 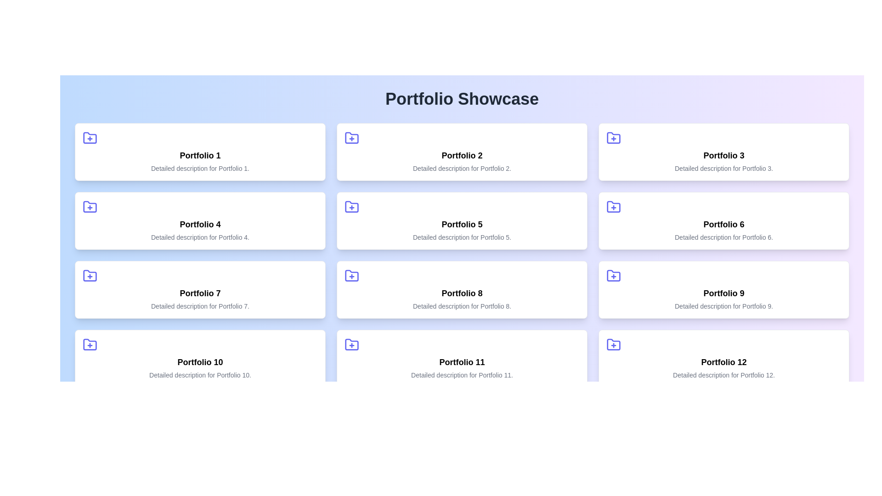 What do you see at coordinates (200, 362) in the screenshot?
I see `the text element displaying 'Portfolio 10' which is centrally aligned and positioned above a smaller descriptive text in the bottom-left corner of the grid layout` at bounding box center [200, 362].